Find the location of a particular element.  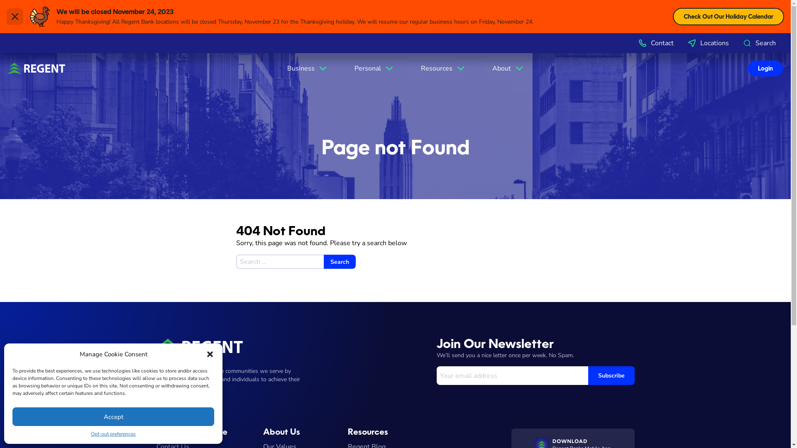

'Personal' is located at coordinates (374, 68).